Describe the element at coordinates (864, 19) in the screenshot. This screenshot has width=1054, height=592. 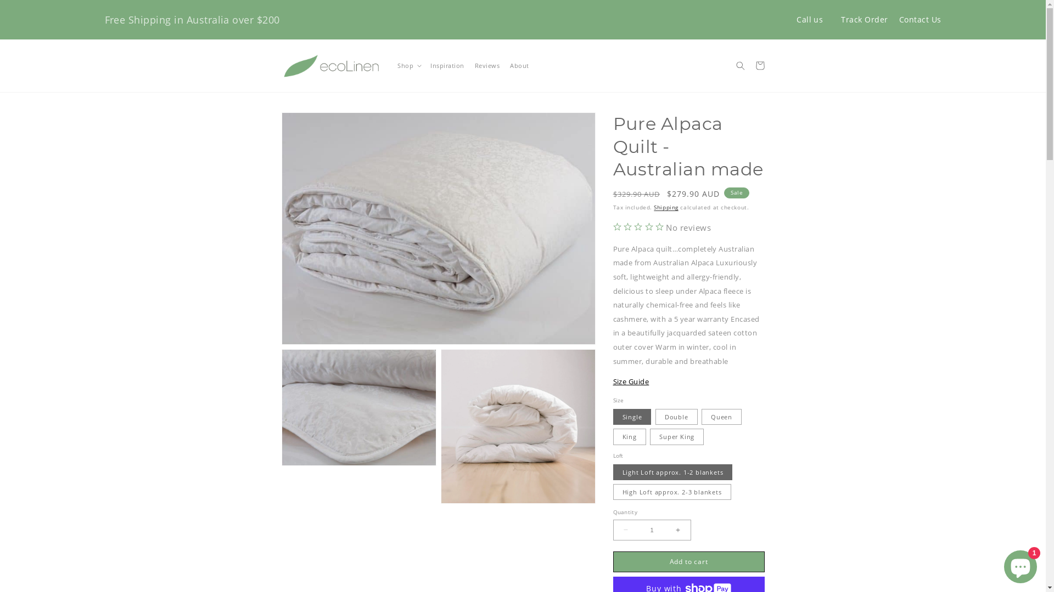
I see `'Track Order'` at that location.